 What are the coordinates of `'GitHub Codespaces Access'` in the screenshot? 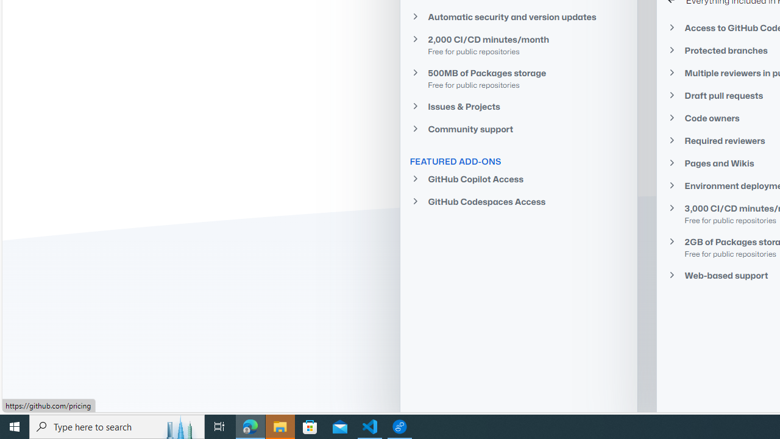 It's located at (519, 201).